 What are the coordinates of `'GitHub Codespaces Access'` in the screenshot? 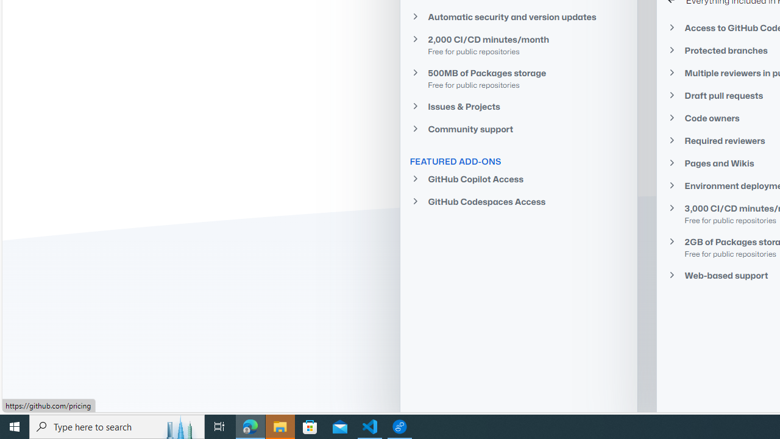 It's located at (519, 201).